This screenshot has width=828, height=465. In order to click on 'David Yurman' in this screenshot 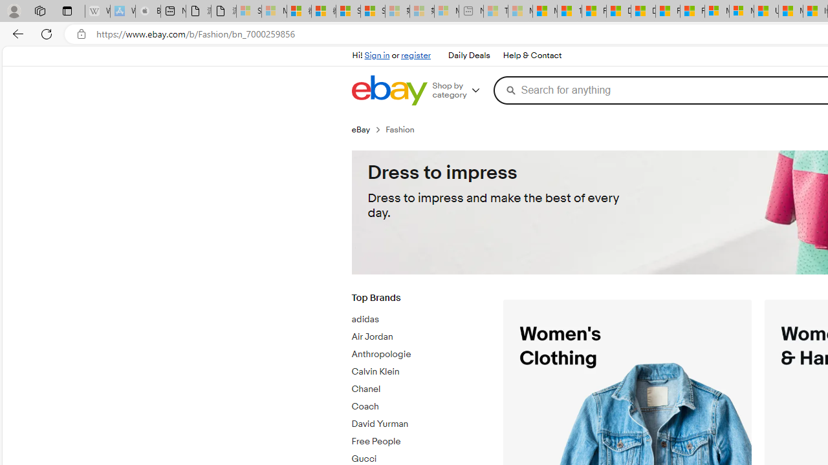, I will do `click(417, 422)`.